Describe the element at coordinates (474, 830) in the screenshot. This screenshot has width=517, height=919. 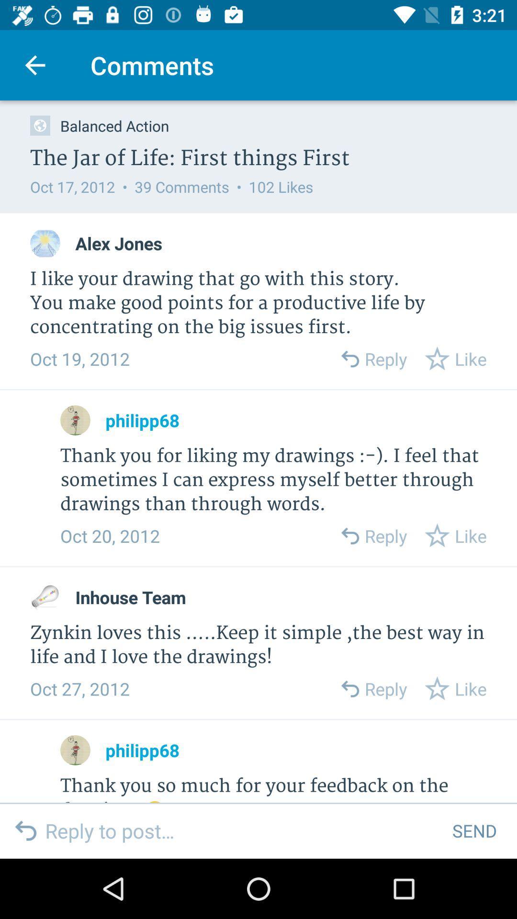
I see `the send` at that location.